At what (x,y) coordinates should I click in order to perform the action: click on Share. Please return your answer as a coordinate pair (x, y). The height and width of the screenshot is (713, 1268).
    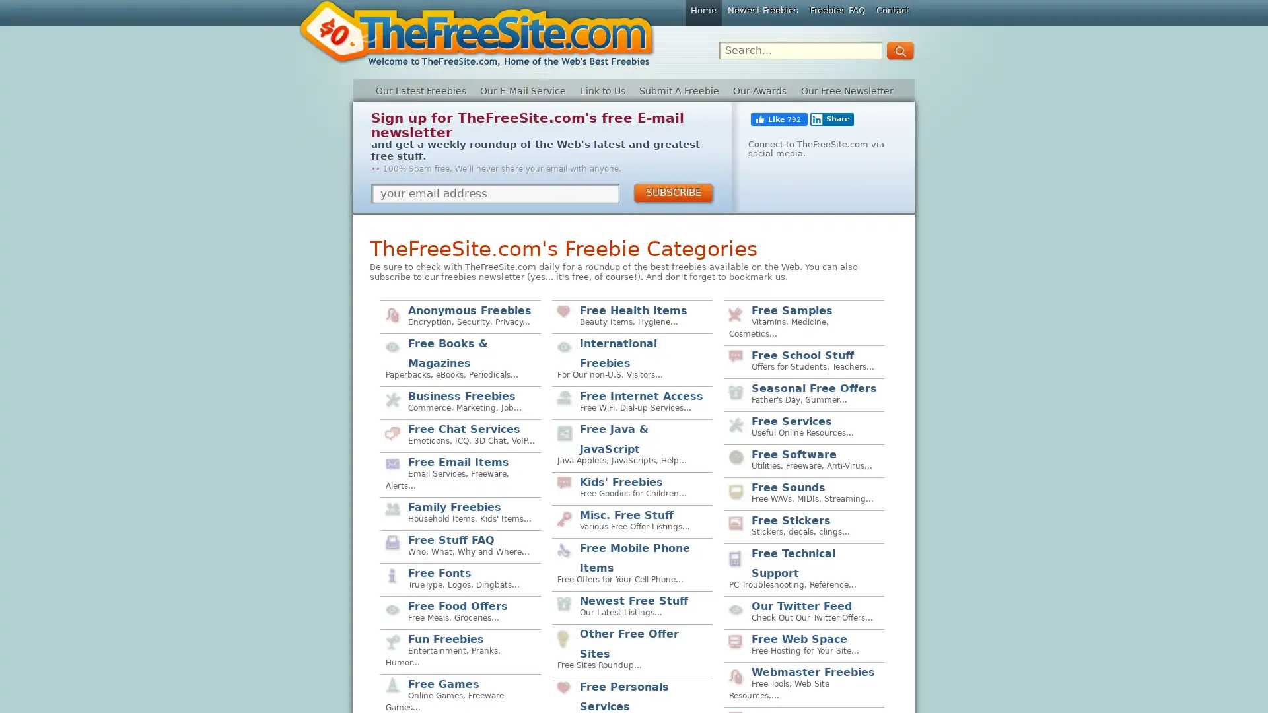
    Looking at the image, I should click on (881, 119).